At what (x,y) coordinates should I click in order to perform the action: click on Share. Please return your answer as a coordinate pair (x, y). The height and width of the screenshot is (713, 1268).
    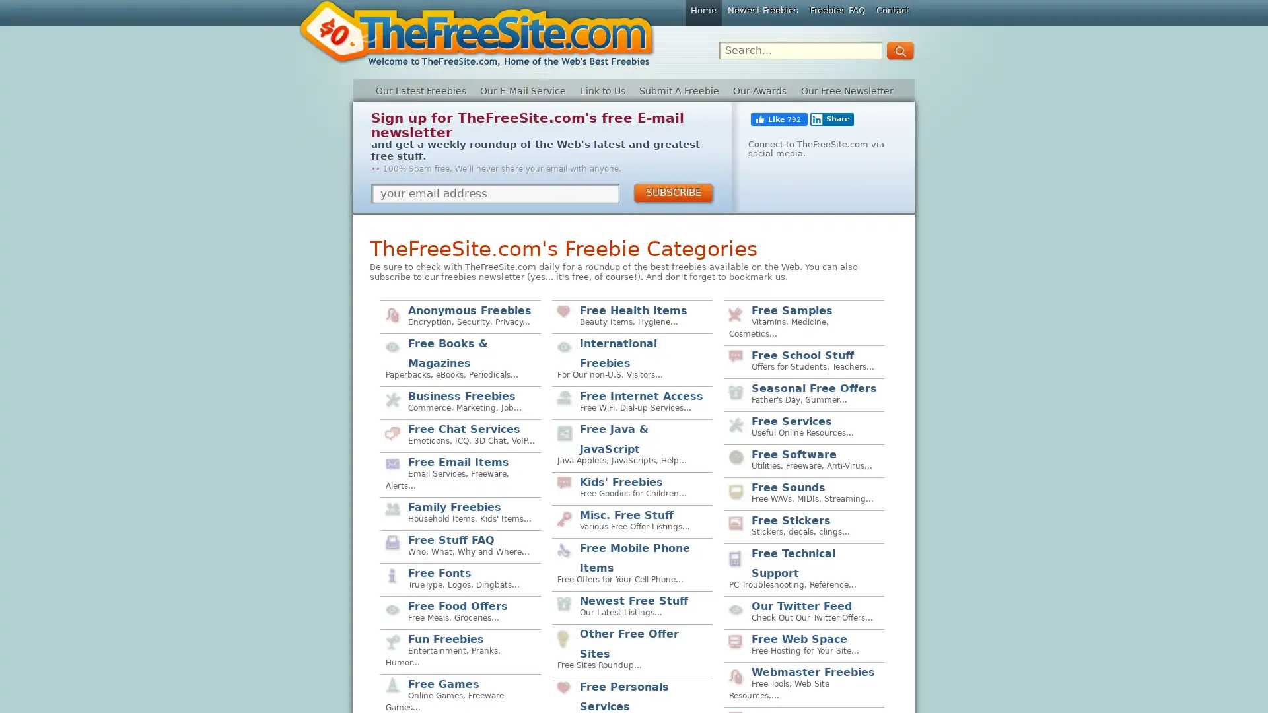
    Looking at the image, I should click on (881, 119).